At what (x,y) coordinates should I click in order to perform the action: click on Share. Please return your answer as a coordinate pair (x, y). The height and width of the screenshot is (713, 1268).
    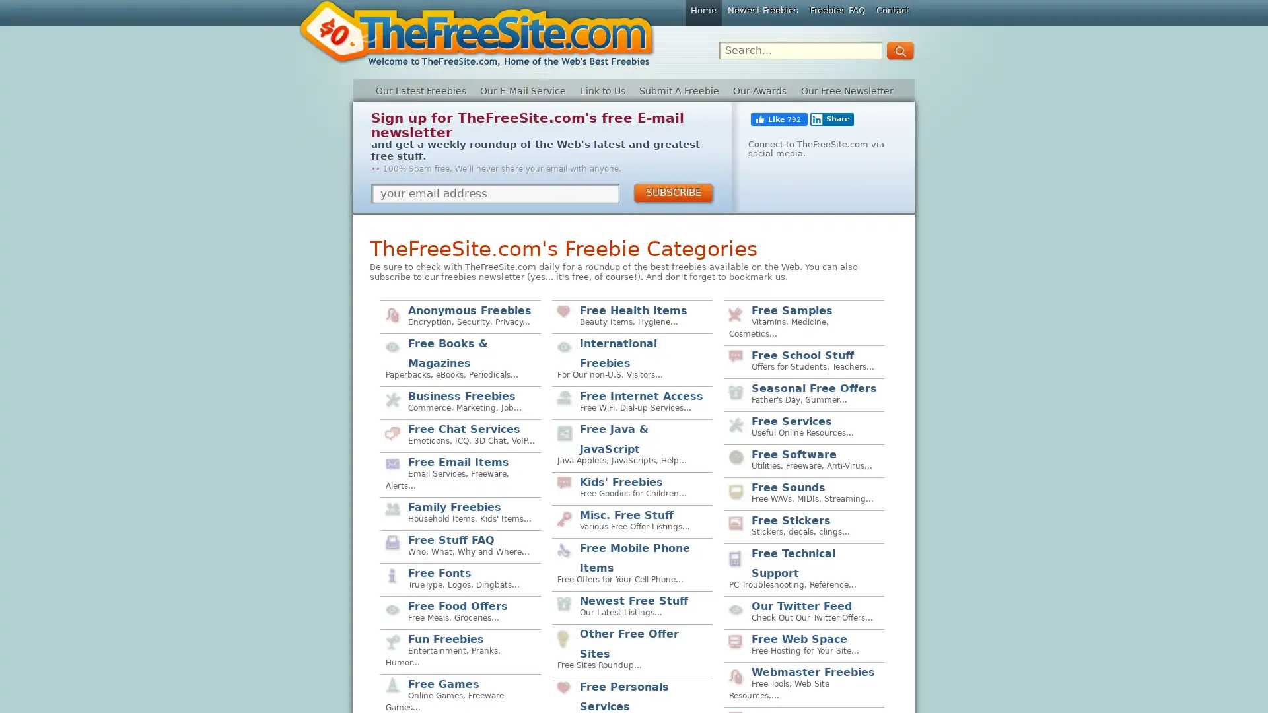
    Looking at the image, I should click on (881, 119).